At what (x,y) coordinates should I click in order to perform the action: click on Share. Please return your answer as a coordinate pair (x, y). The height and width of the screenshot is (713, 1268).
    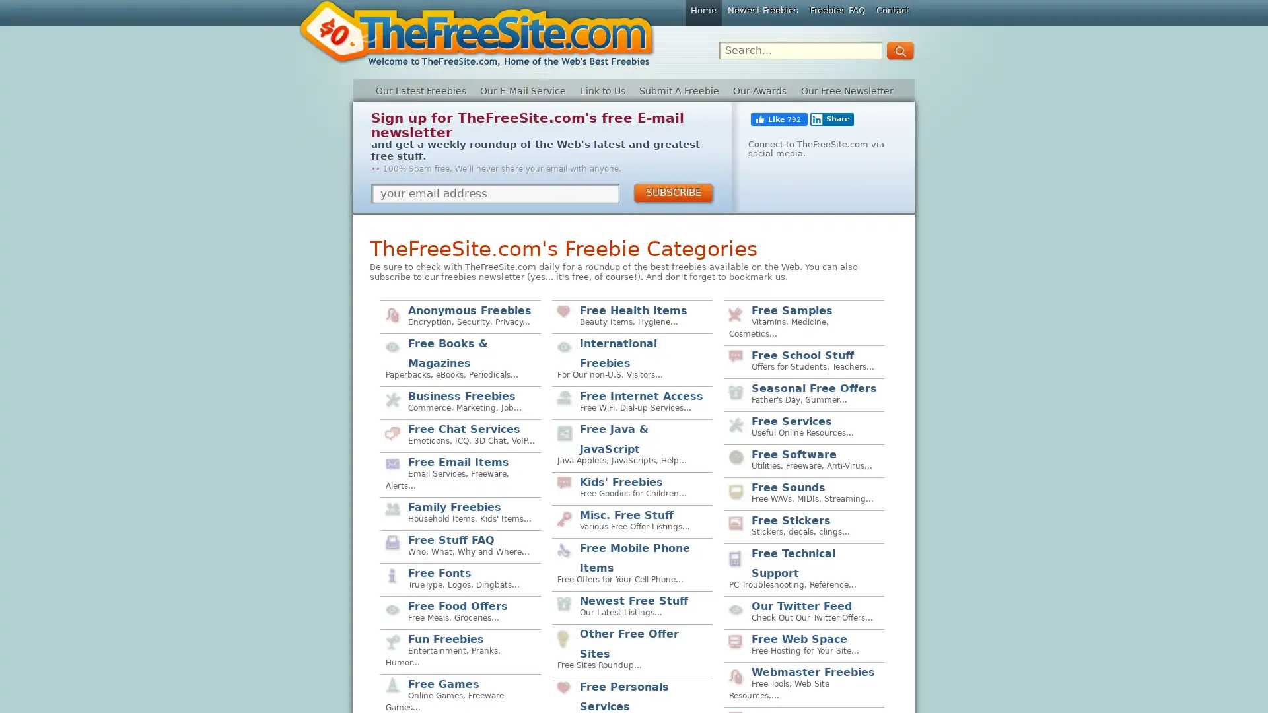
    Looking at the image, I should click on (881, 119).